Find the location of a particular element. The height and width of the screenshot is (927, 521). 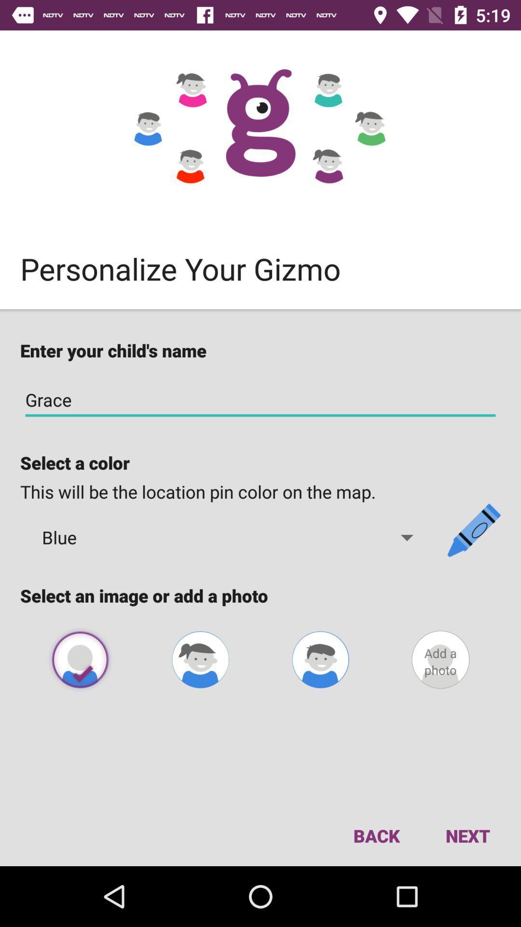

the avatar icon is located at coordinates (440, 659).